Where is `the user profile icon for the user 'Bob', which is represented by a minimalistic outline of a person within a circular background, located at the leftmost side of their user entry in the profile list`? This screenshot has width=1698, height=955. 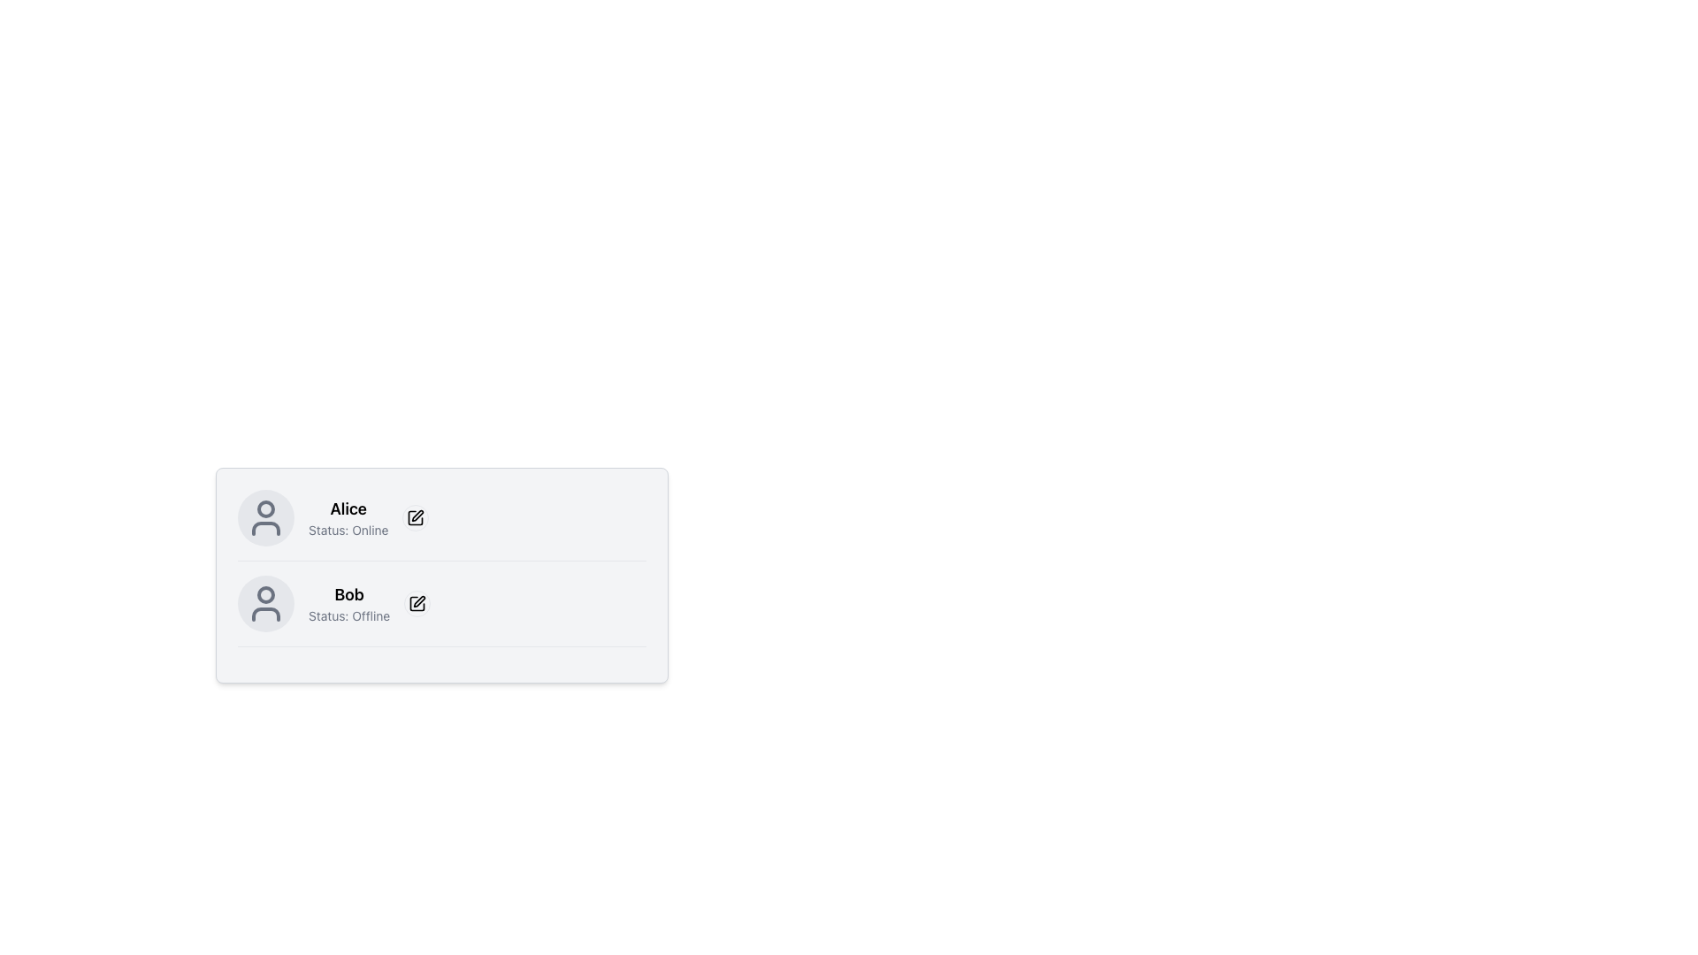 the user profile icon for the user 'Bob', which is represented by a minimalistic outline of a person within a circular background, located at the leftmost side of their user entry in the profile list is located at coordinates (265, 602).